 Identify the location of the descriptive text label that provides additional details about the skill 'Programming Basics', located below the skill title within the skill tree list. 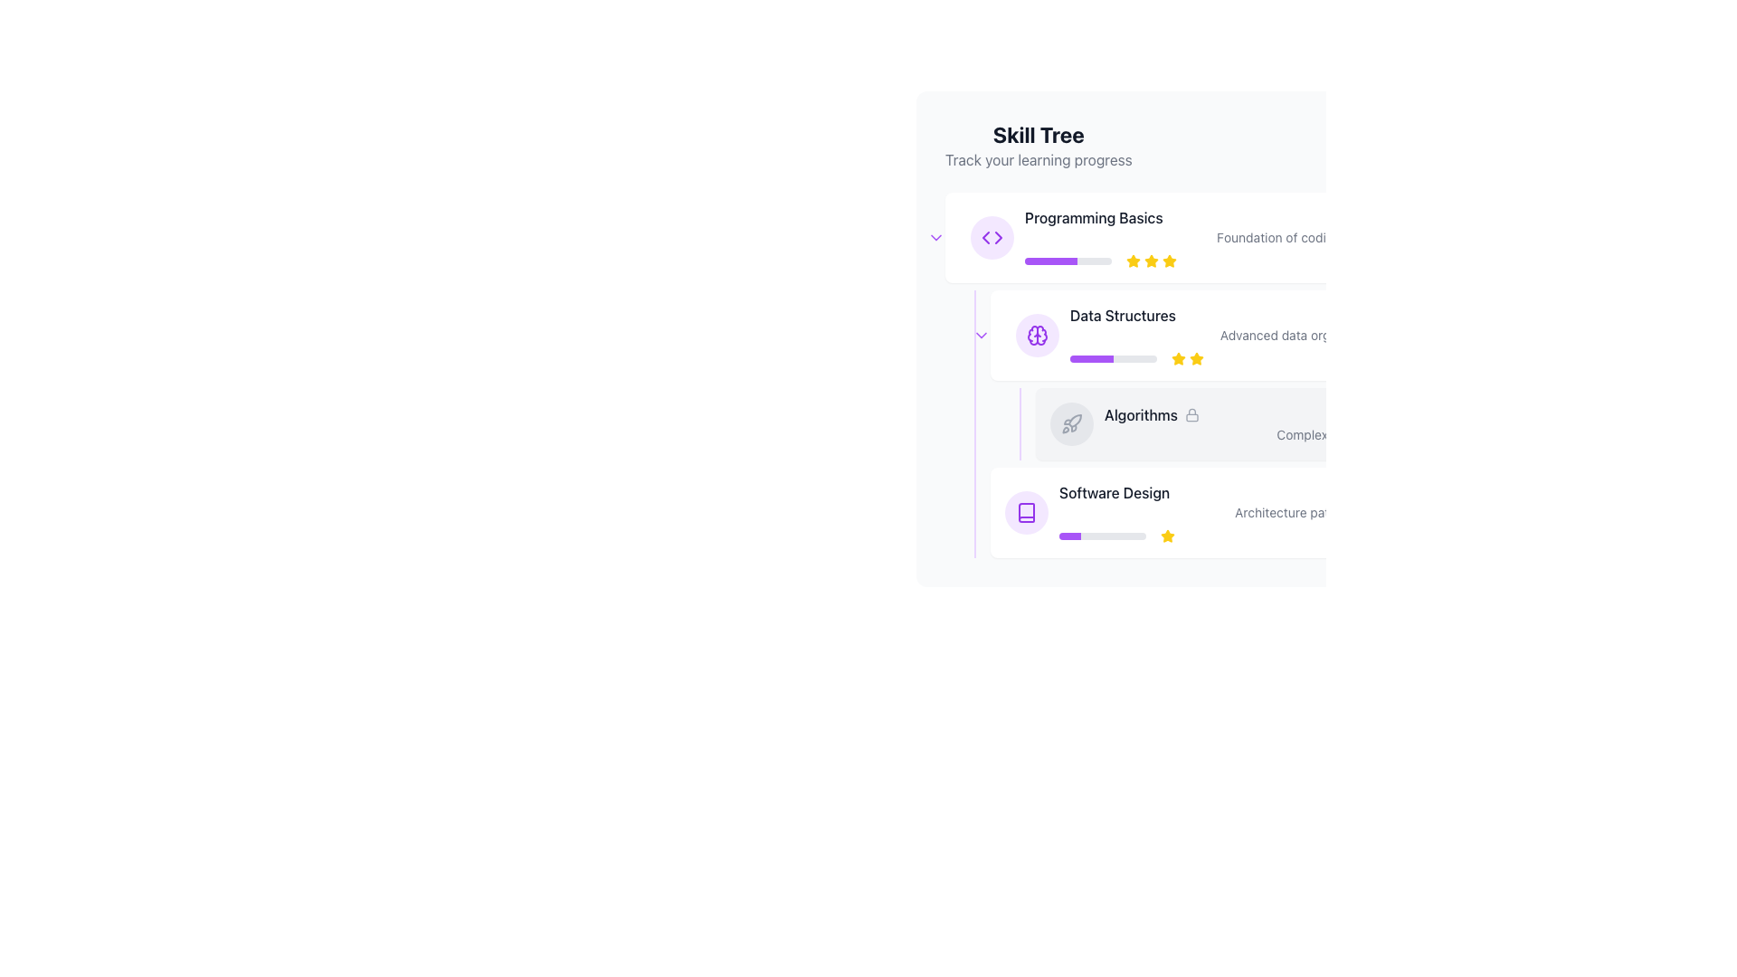
(1277, 236).